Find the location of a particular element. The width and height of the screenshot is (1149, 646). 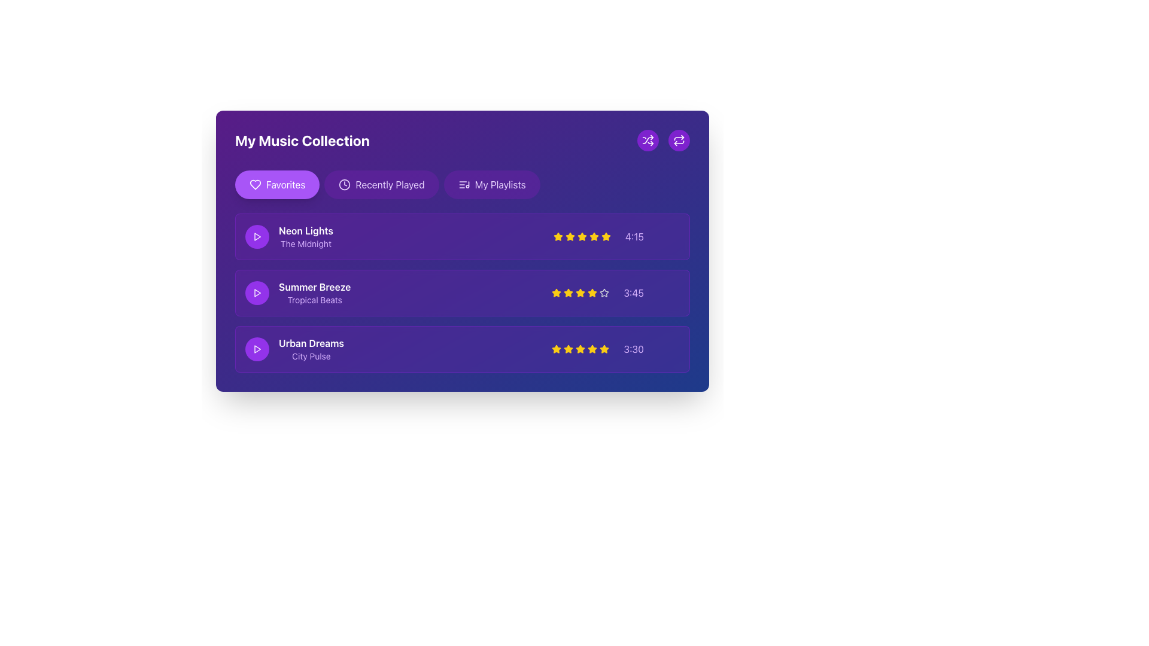

the favorites icon located to the left of the 'Favorites' text within the 'Favorites' button group is located at coordinates (255, 184).